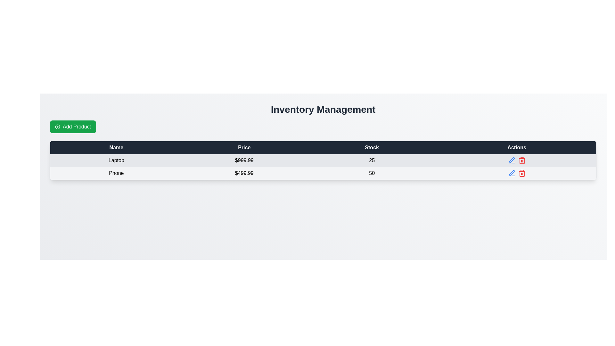 This screenshot has width=615, height=346. I want to click on the 'Delete' icon button located in the second row of the actions column, immediately to the right of the blue pen icon, so click(522, 160).